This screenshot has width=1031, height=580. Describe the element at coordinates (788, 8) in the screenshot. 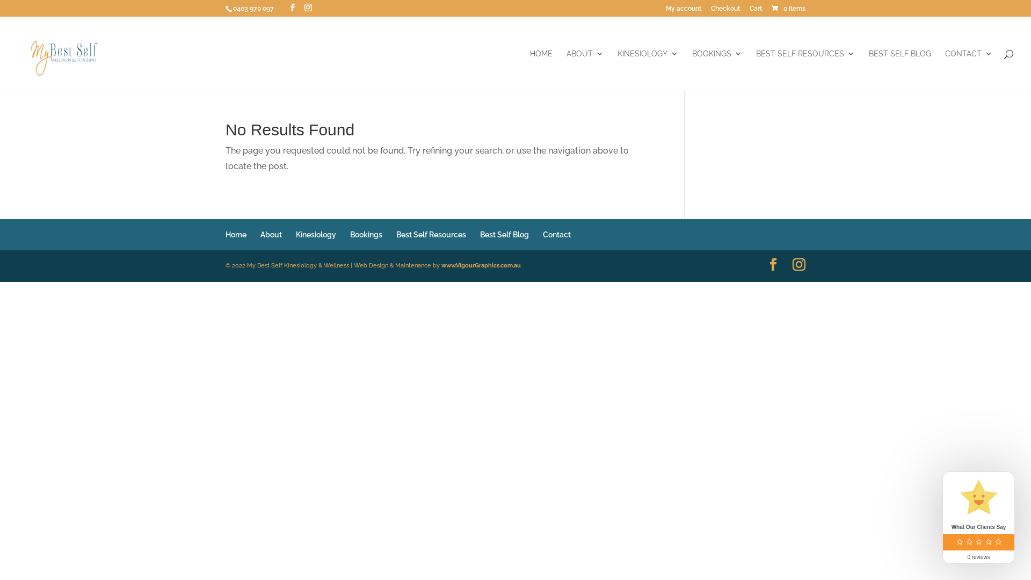

I see `'0 Items'` at that location.